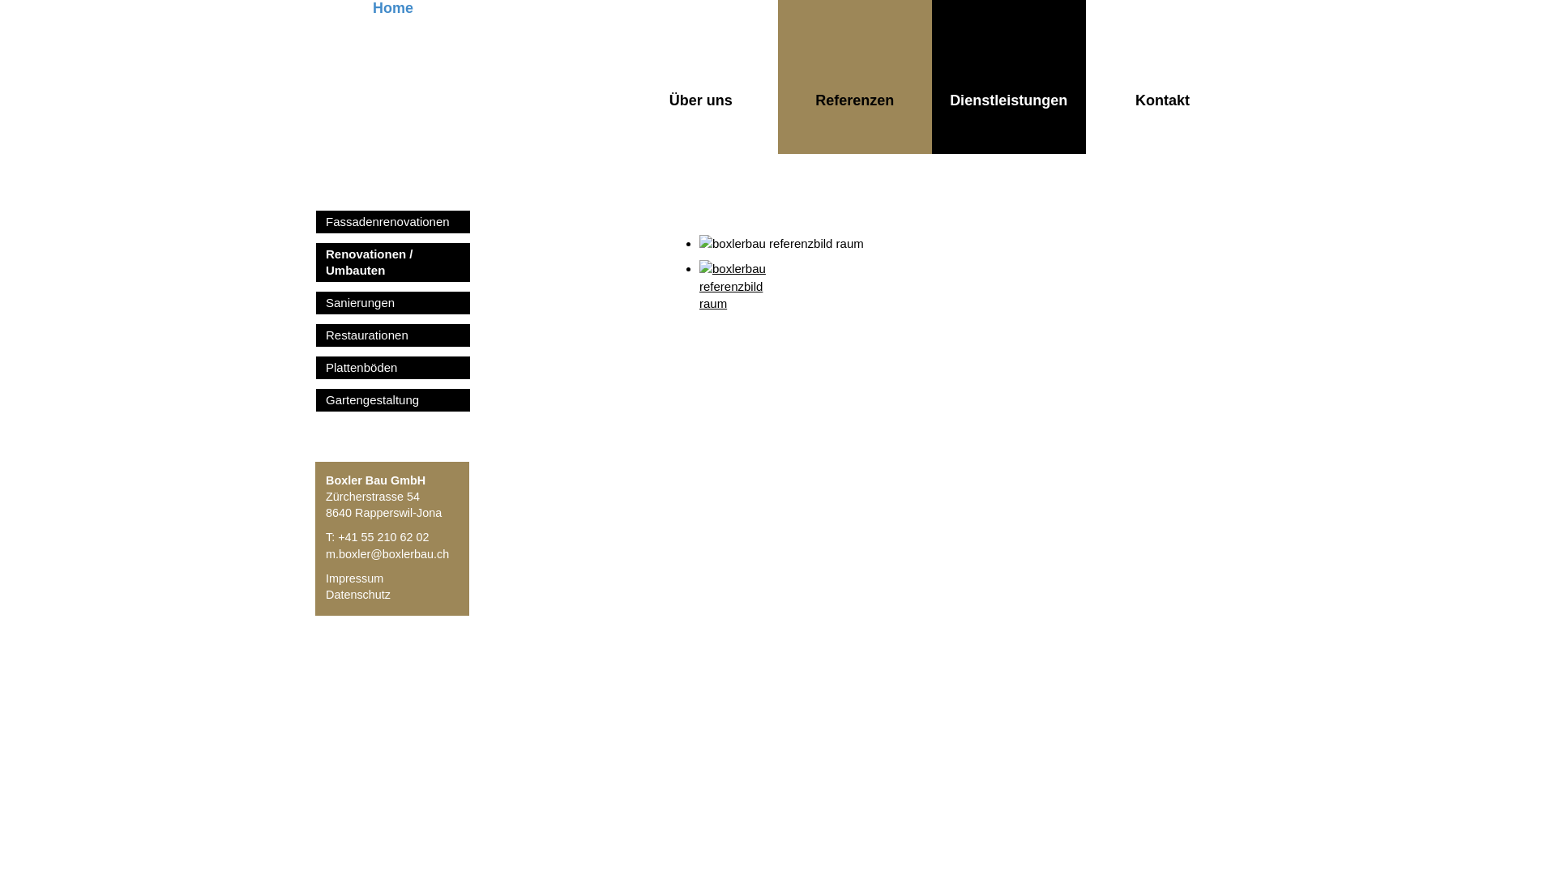  Describe the element at coordinates (854, 77) in the screenshot. I see `'Referenzen'` at that location.